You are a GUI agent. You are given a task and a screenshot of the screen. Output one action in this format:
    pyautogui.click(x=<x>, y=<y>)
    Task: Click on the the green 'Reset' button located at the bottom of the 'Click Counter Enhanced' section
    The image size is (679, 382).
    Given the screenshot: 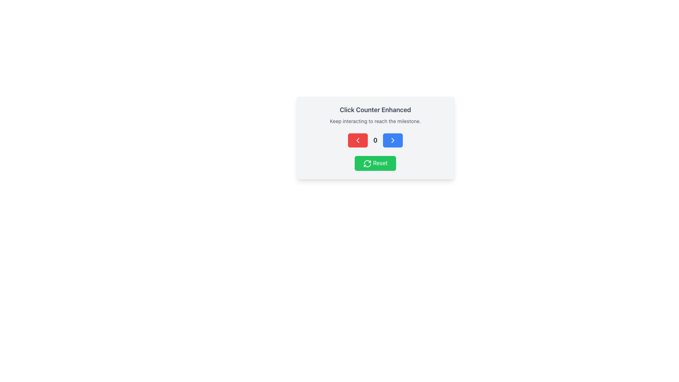 What is the action you would take?
    pyautogui.click(x=375, y=163)
    